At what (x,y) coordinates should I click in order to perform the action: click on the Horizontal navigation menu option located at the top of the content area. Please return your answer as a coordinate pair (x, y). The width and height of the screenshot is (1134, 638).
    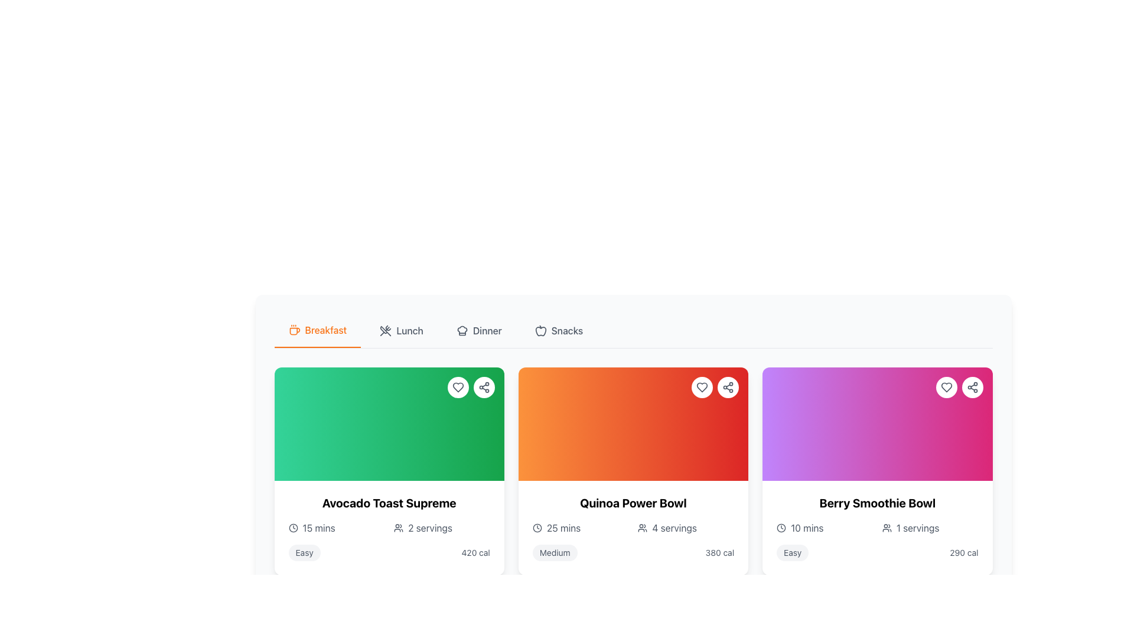
    Looking at the image, I should click on (633, 331).